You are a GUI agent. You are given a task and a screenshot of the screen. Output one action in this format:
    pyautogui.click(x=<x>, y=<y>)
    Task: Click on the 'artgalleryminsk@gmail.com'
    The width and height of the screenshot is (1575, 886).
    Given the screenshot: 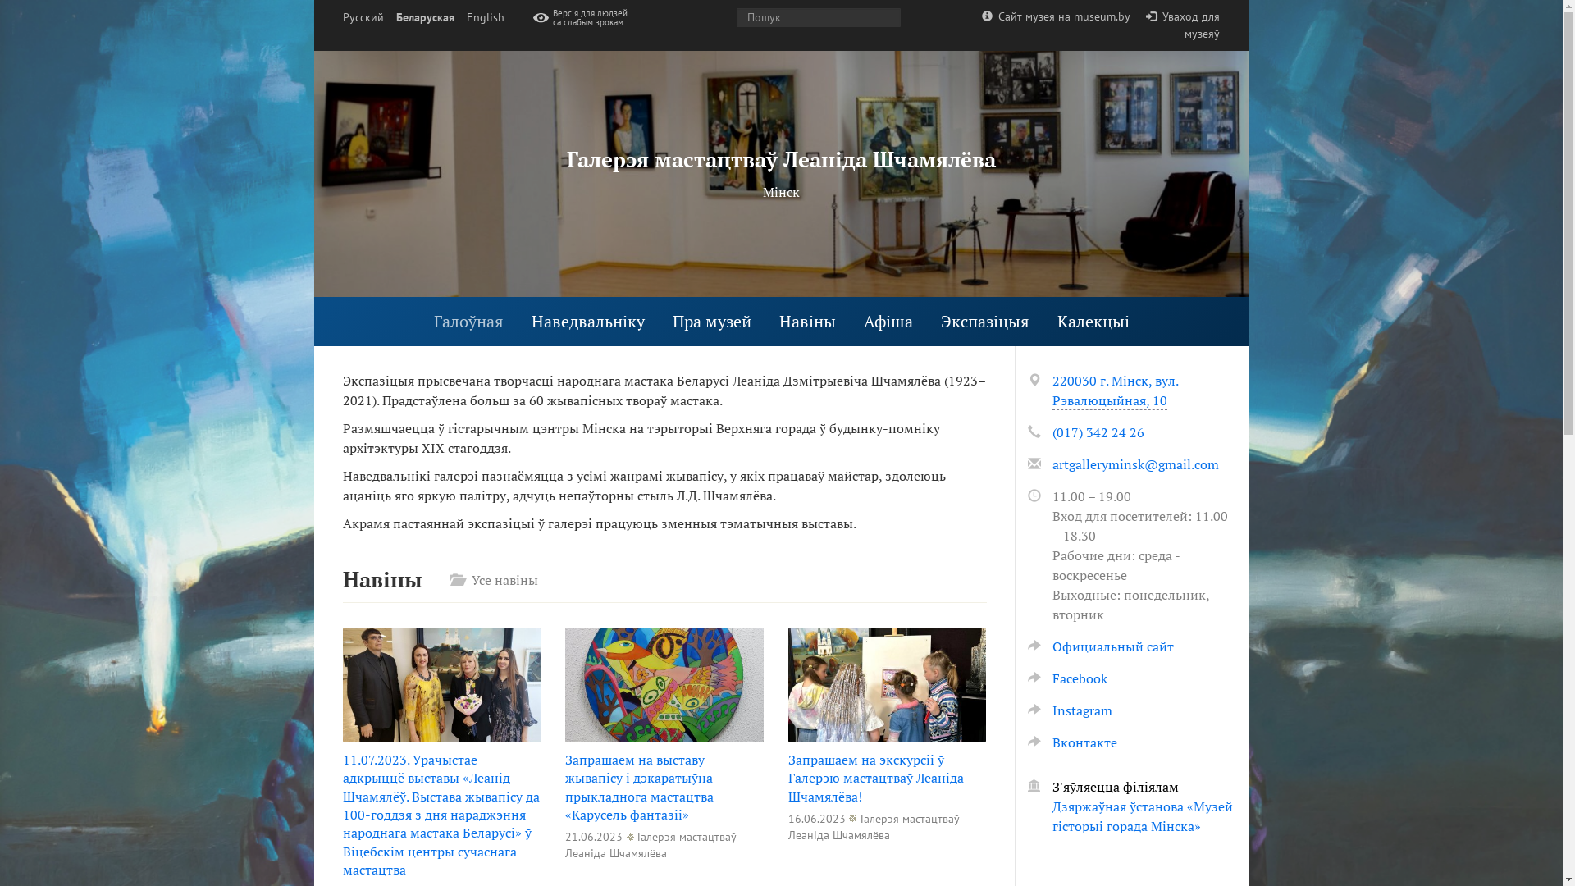 What is the action you would take?
    pyautogui.click(x=1051, y=464)
    